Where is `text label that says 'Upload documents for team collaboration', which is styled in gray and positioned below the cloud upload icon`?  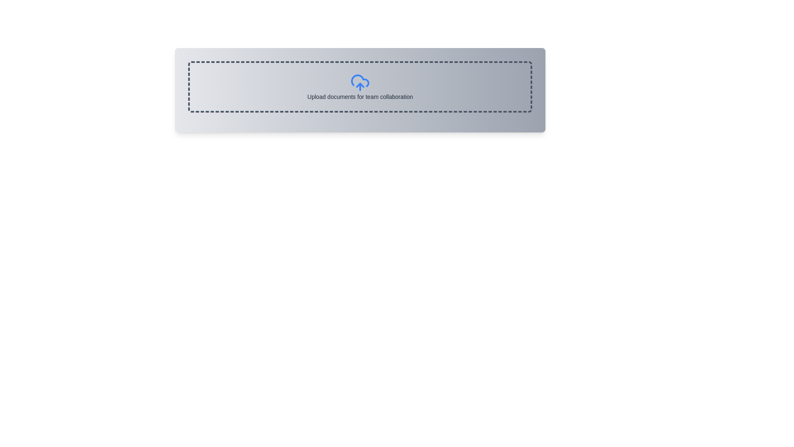 text label that says 'Upload documents for team collaboration', which is styled in gray and positioned below the cloud upload icon is located at coordinates (360, 96).